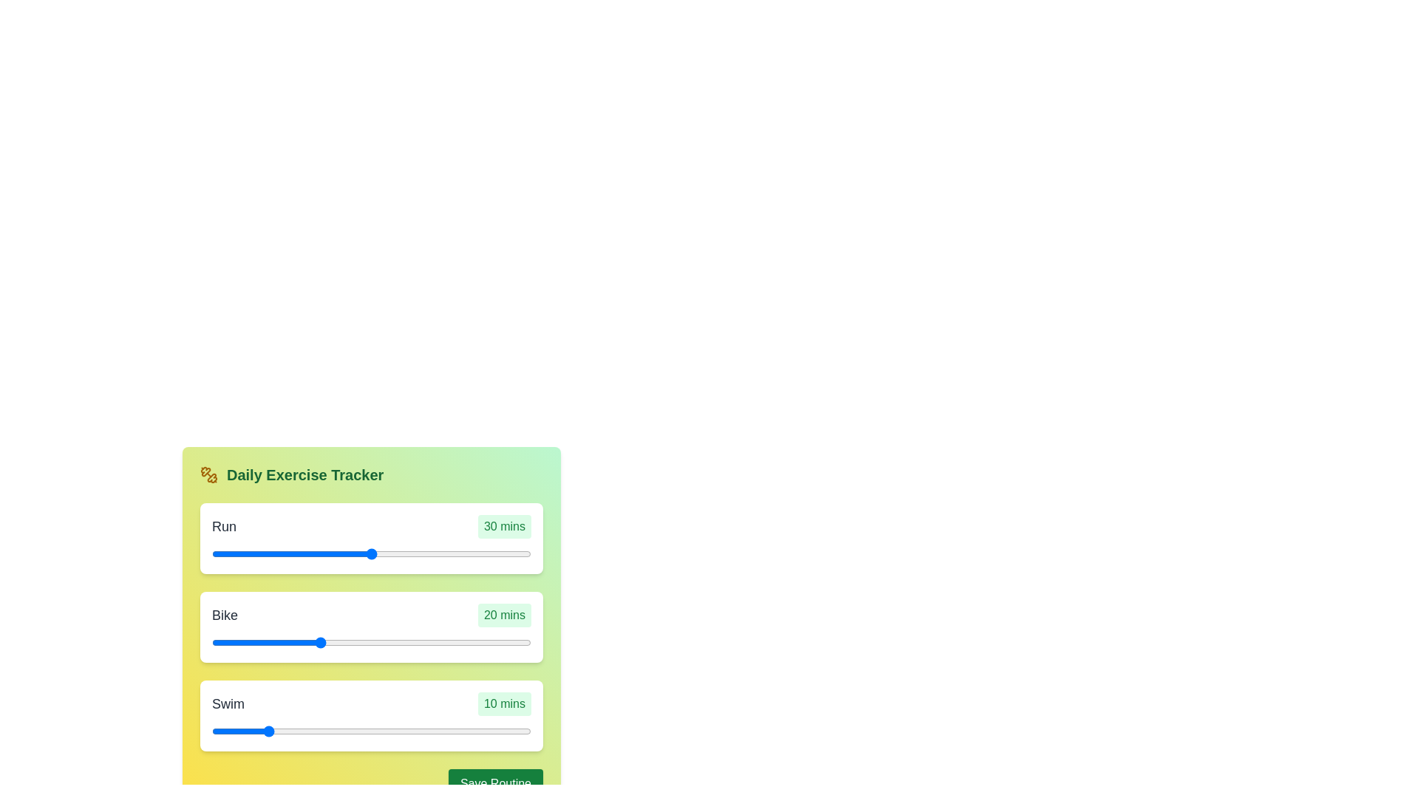 Image resolution: width=1419 pixels, height=798 pixels. What do you see at coordinates (374, 642) in the screenshot?
I see `the duration of the 1 slider to 1 minutes` at bounding box center [374, 642].